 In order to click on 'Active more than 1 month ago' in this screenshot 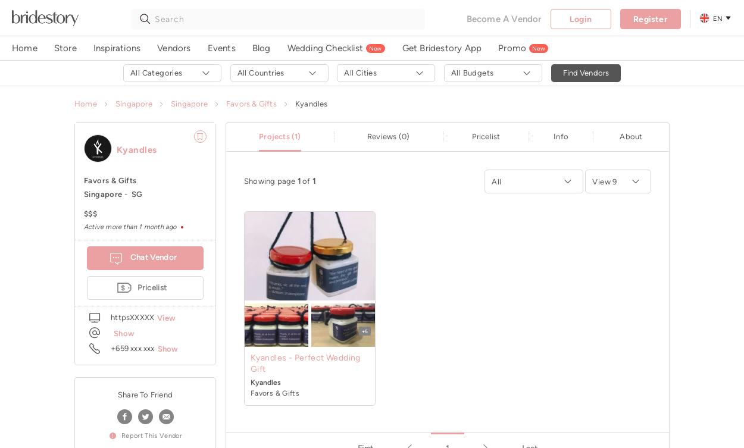, I will do `click(84, 226)`.